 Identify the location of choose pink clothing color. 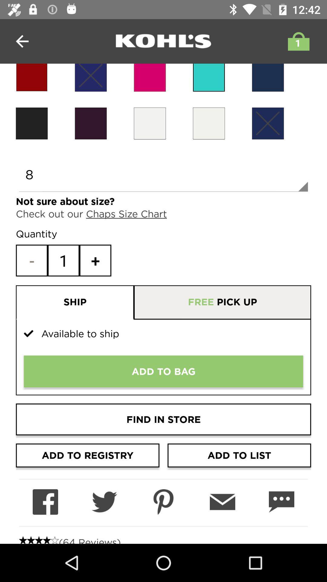
(150, 77).